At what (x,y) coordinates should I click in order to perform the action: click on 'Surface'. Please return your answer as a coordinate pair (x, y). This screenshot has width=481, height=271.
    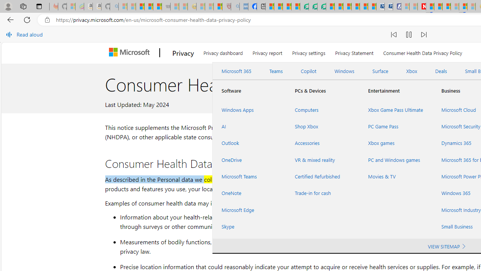
    Looking at the image, I should click on (380, 71).